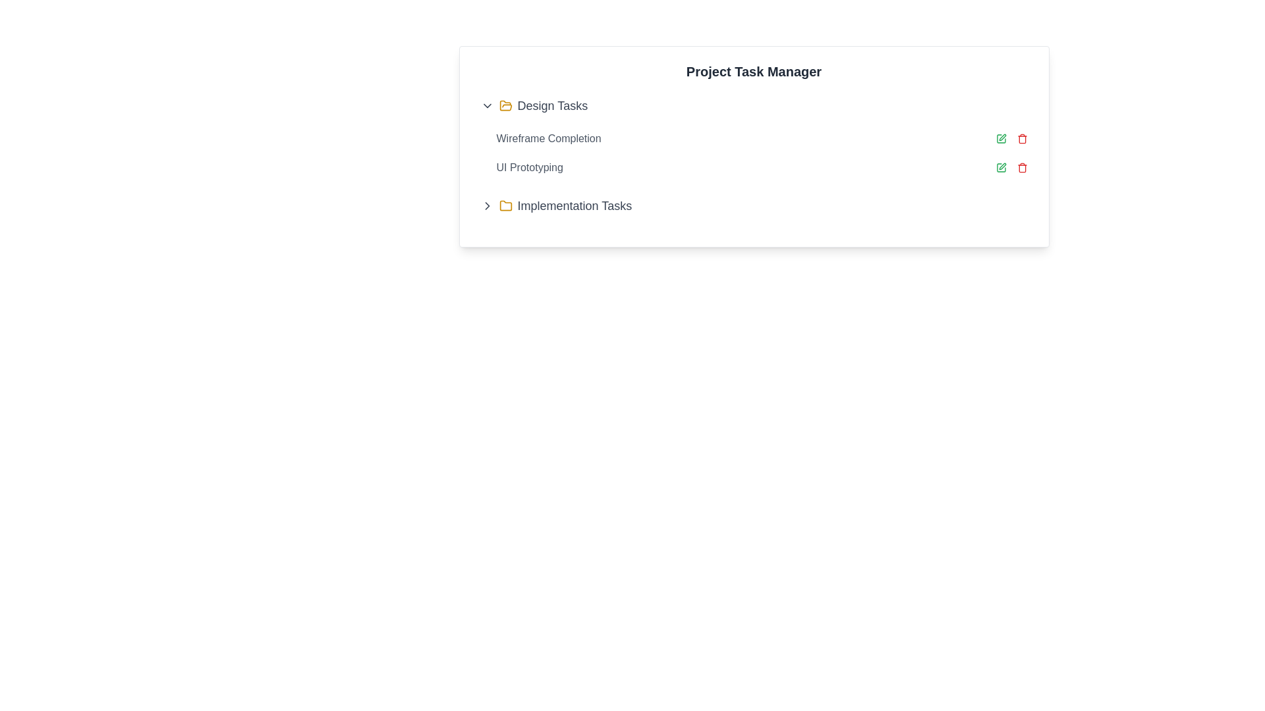 The width and height of the screenshot is (1265, 711). I want to click on the red trash can icon located to the right of the 'UI Prototyping' label, which is the second button after the green edit icon, so click(1021, 167).